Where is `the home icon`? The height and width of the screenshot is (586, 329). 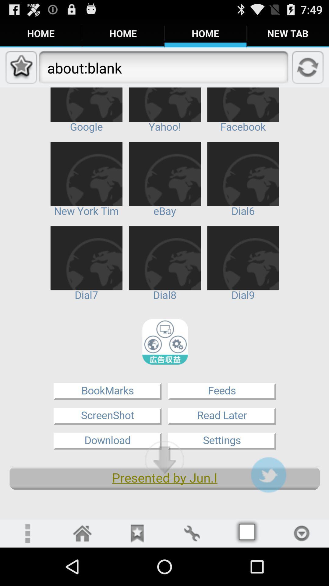
the home icon is located at coordinates (82, 570).